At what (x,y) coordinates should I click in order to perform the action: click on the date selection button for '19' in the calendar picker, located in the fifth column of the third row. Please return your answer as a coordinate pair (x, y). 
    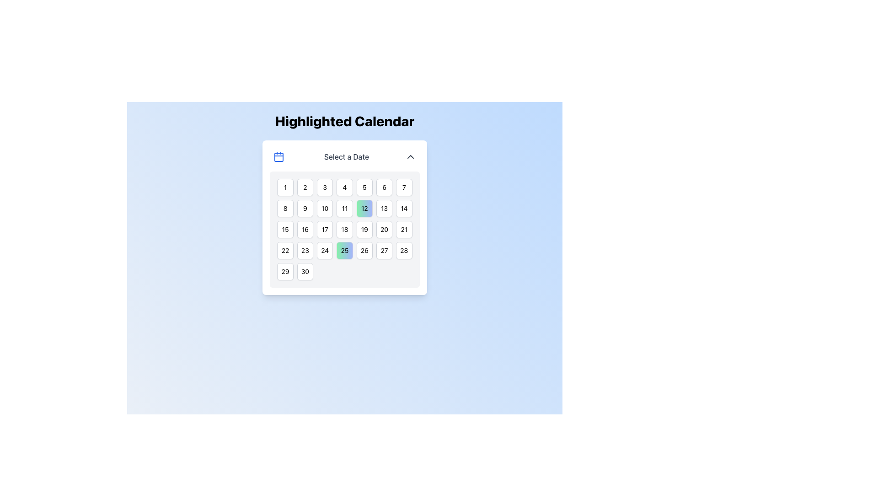
    Looking at the image, I should click on (364, 229).